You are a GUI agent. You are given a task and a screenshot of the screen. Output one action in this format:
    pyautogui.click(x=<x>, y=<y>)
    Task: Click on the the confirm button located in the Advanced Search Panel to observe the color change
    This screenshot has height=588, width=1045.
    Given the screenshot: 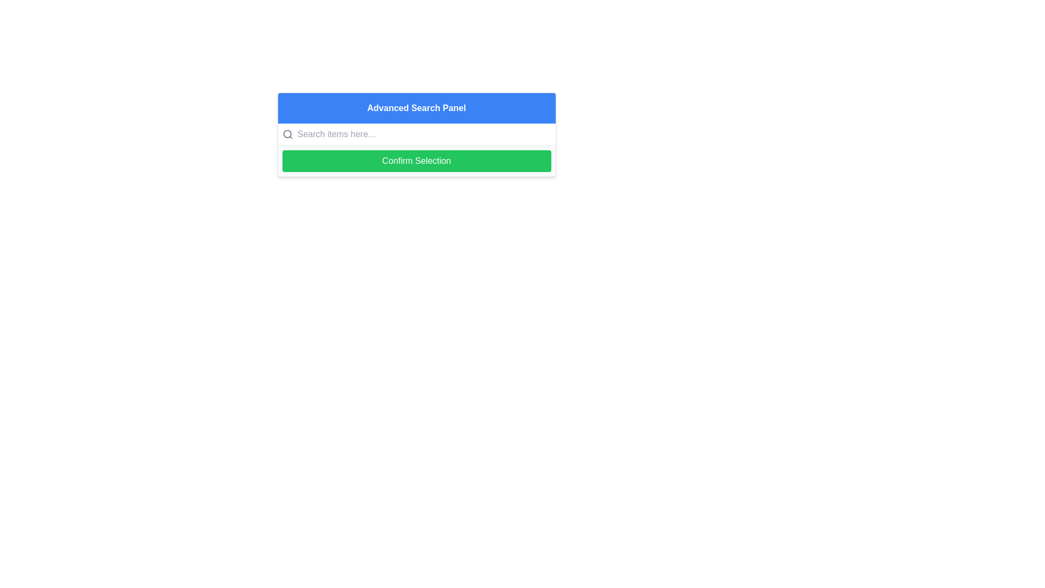 What is the action you would take?
    pyautogui.click(x=416, y=161)
    